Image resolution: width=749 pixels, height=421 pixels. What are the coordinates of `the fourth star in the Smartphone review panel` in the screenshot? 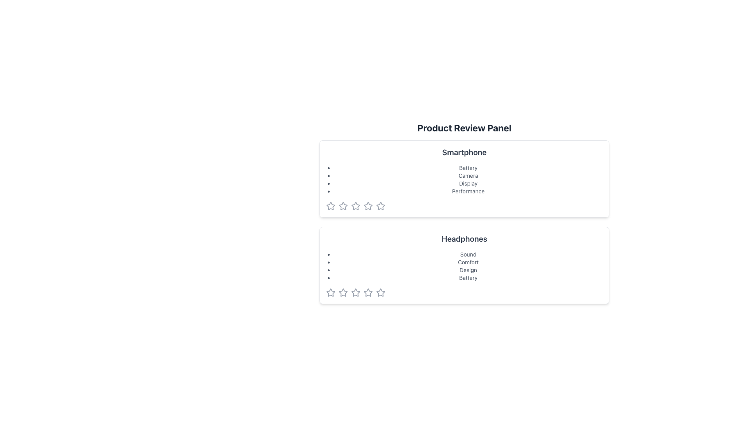 It's located at (380, 205).